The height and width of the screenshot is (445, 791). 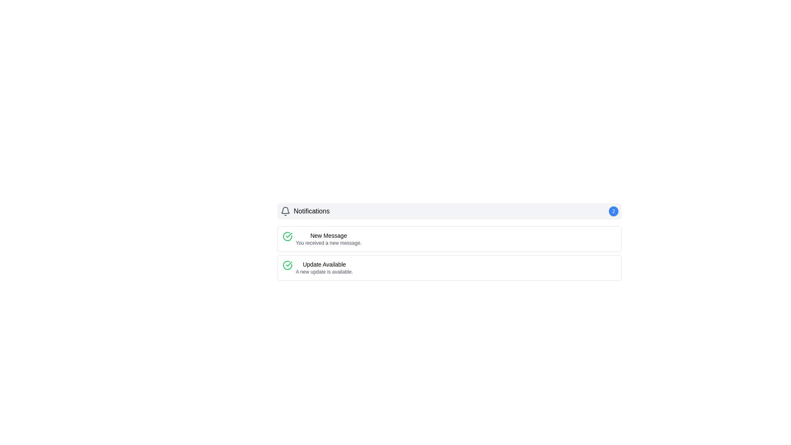 I want to click on the vector graphic indicating the successful or update status of the 'Update Available' notification card, located within the green-highlighted graphics adjacent to the left of its primary text description, so click(x=287, y=237).